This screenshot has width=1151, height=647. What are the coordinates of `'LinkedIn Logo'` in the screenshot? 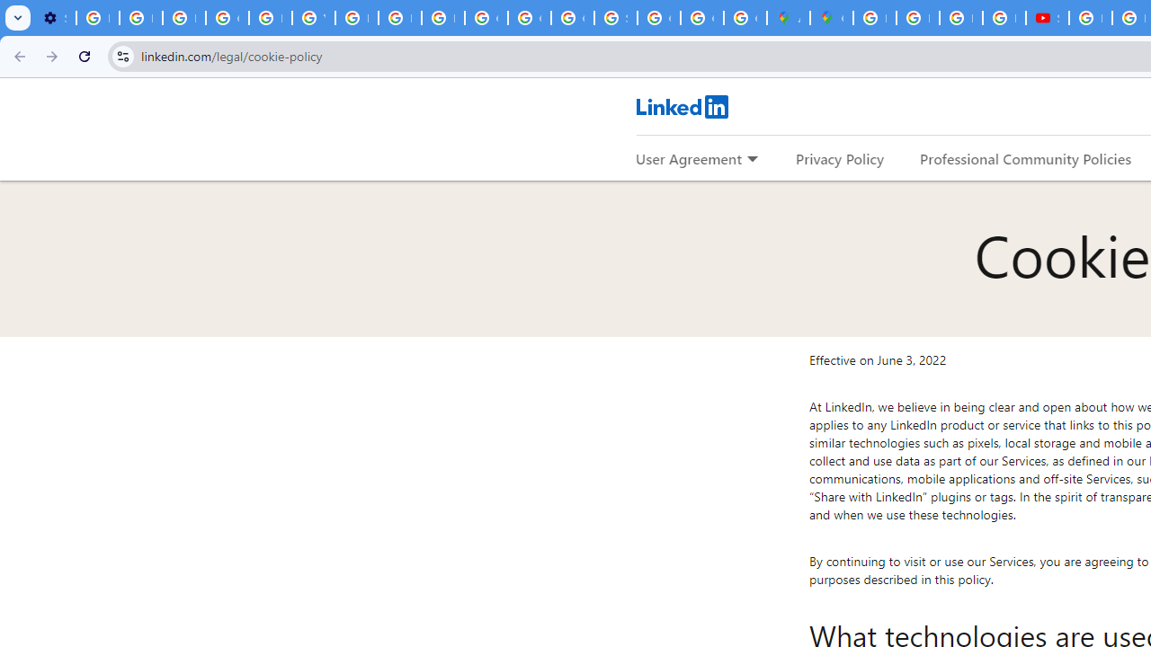 It's located at (681, 106).